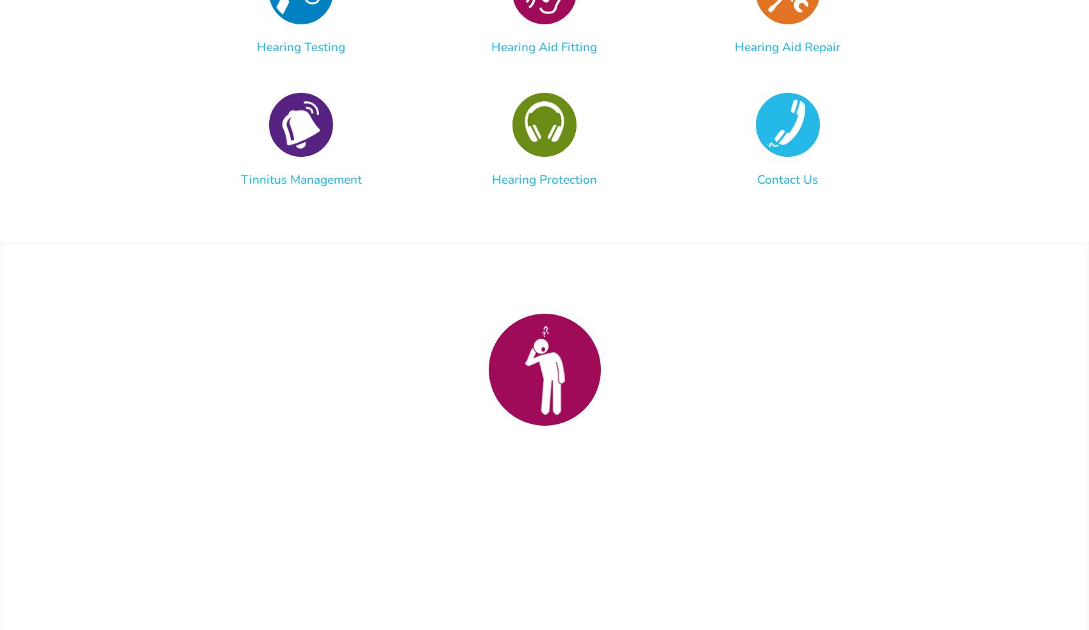 Image resolution: width=1089 pixels, height=630 pixels. Describe the element at coordinates (543, 460) in the screenshot. I see `'Stop Struggling with Hearing Loss'` at that location.